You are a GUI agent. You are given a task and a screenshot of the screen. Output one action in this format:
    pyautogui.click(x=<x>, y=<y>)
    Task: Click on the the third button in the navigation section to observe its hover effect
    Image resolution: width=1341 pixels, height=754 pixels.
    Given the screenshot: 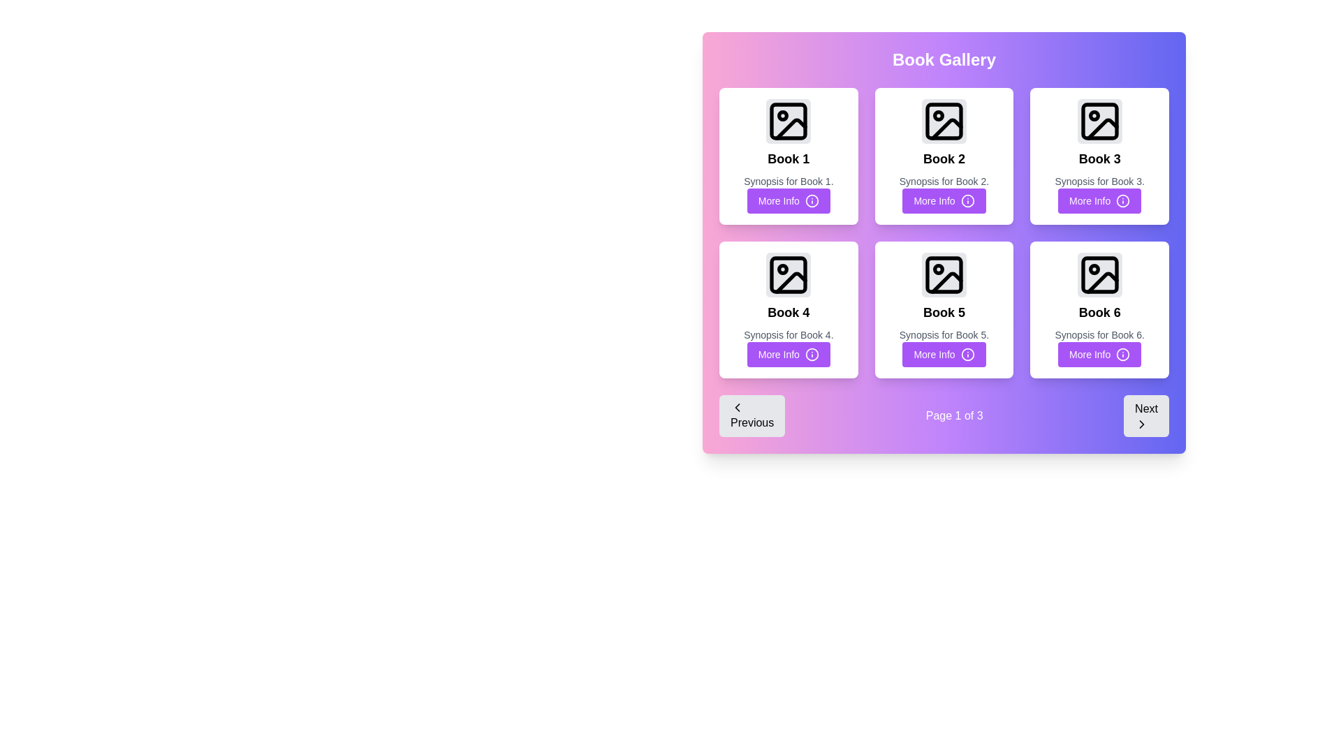 What is the action you would take?
    pyautogui.click(x=1146, y=415)
    